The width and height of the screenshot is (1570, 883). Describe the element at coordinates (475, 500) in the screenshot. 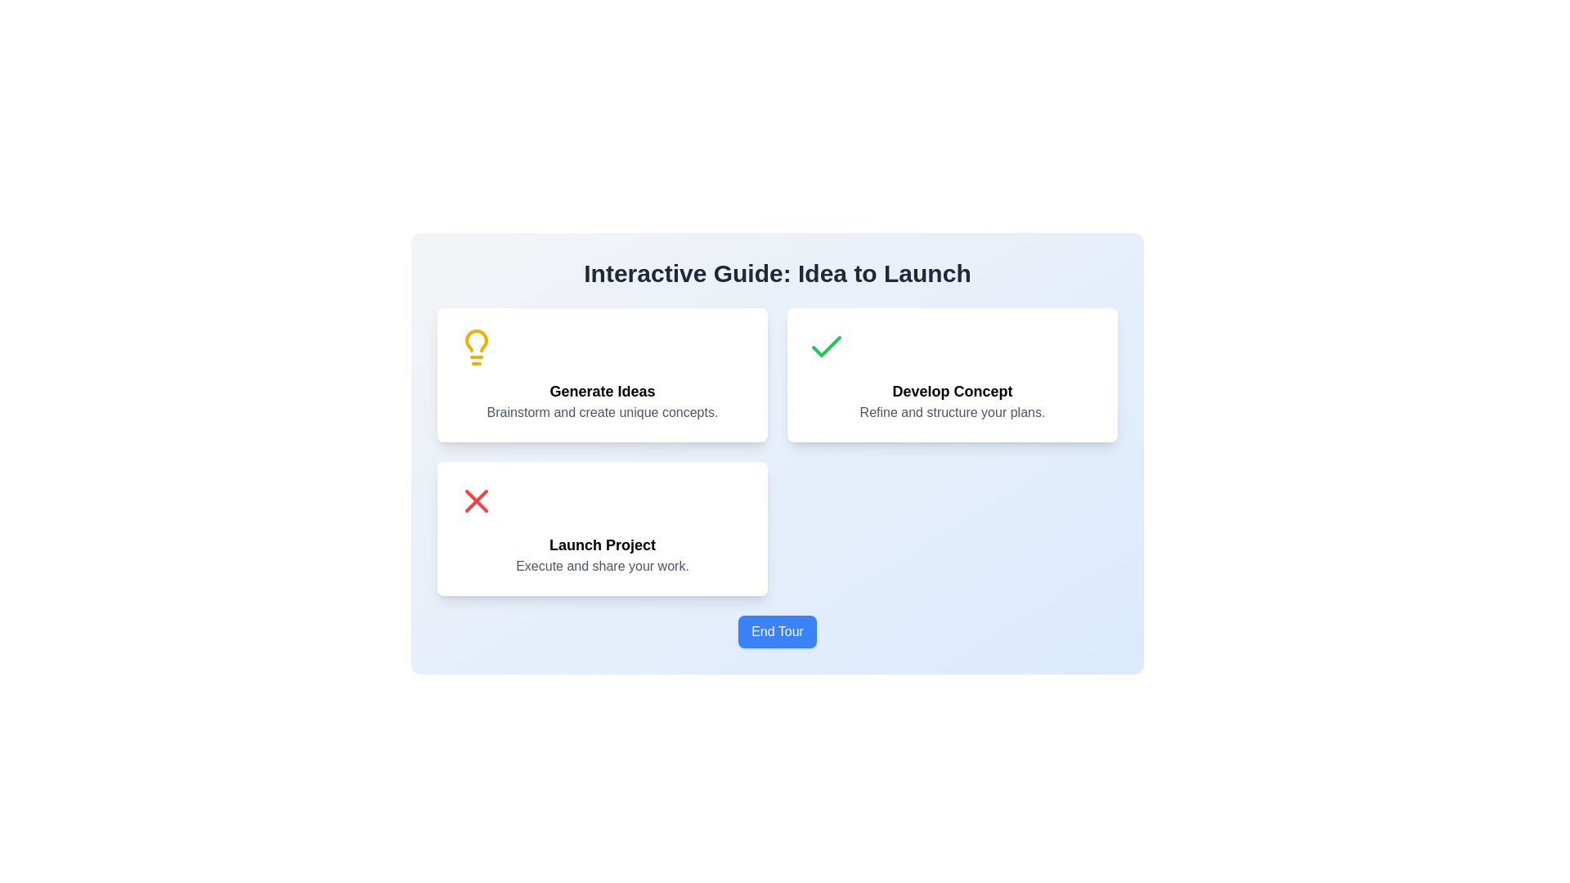

I see `the 'X' symbol indicating an incorrect or non-viable action located in the bottom left interactive box titled 'Launch Project'` at that location.